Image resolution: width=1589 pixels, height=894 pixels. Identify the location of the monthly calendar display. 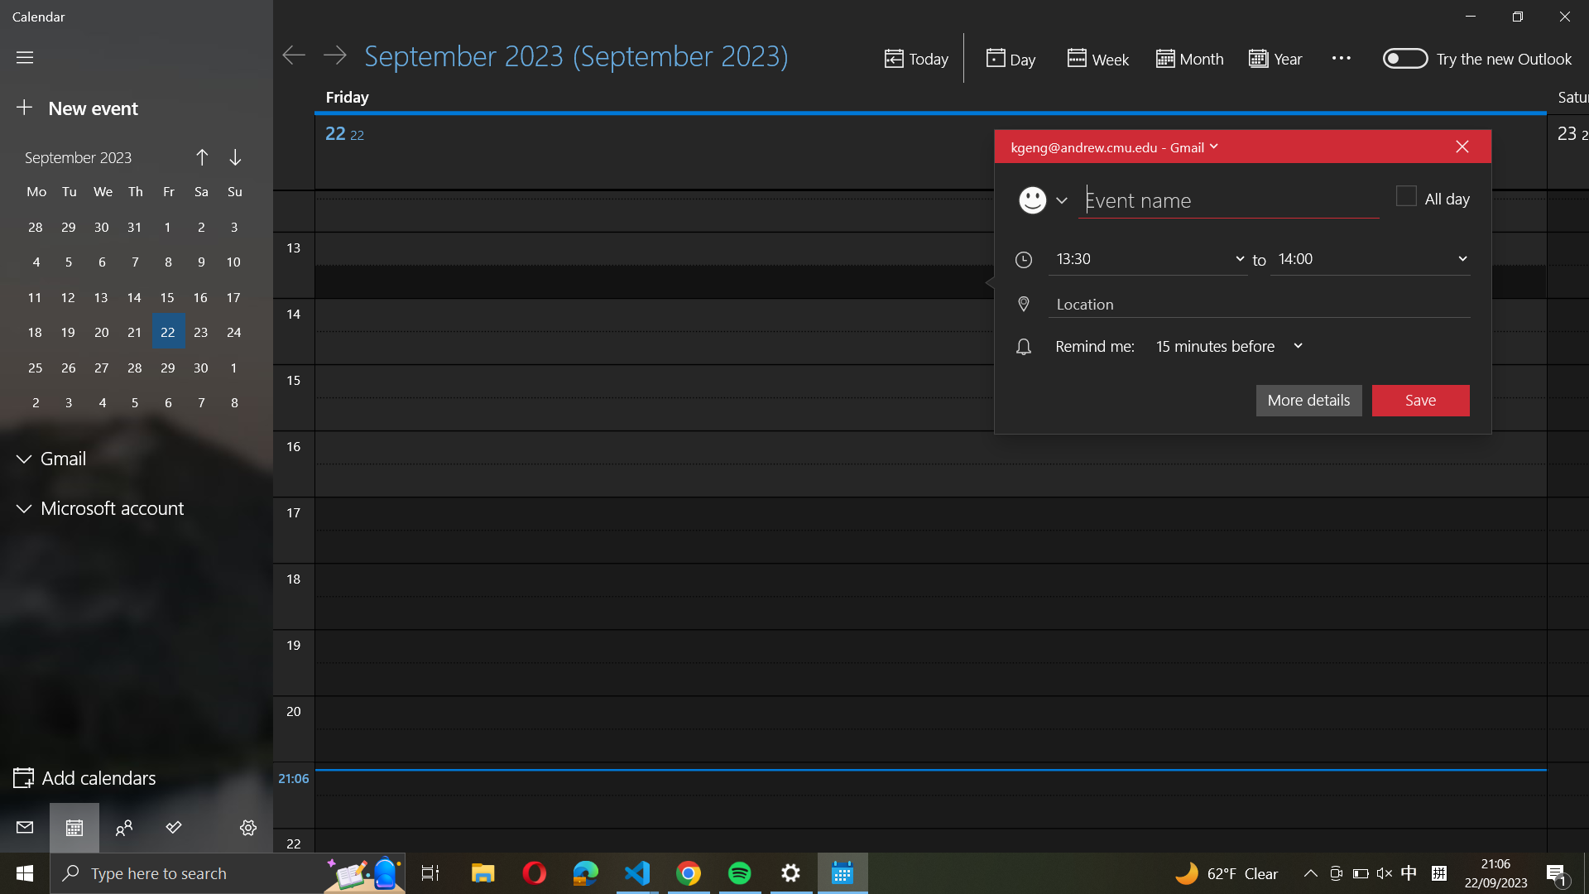
(1187, 59).